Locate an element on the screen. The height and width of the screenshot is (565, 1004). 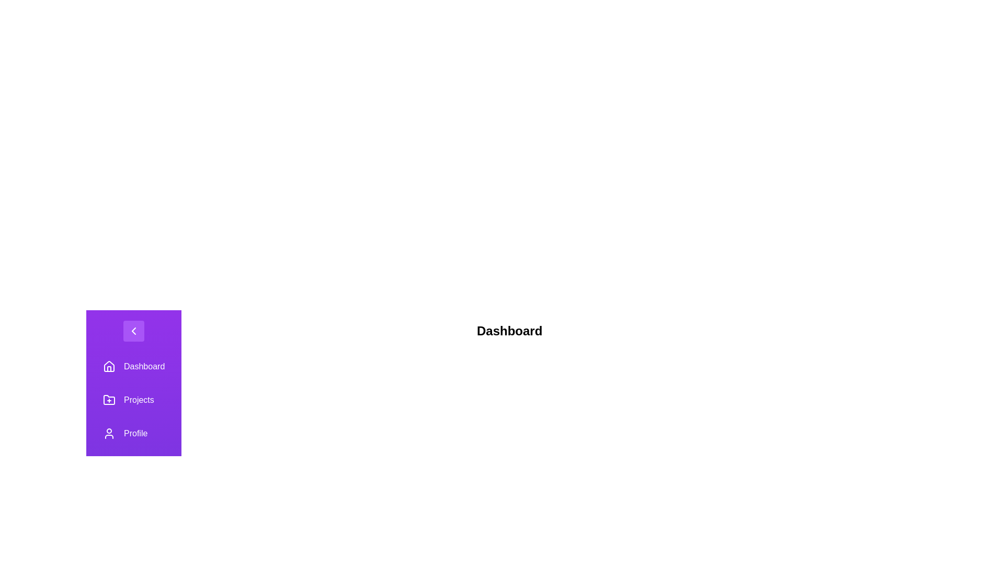
the profile button located in the vertical sidebar menu, positioned below the 'Projects' option and above the 'Settings' option is located at coordinates (133, 434).